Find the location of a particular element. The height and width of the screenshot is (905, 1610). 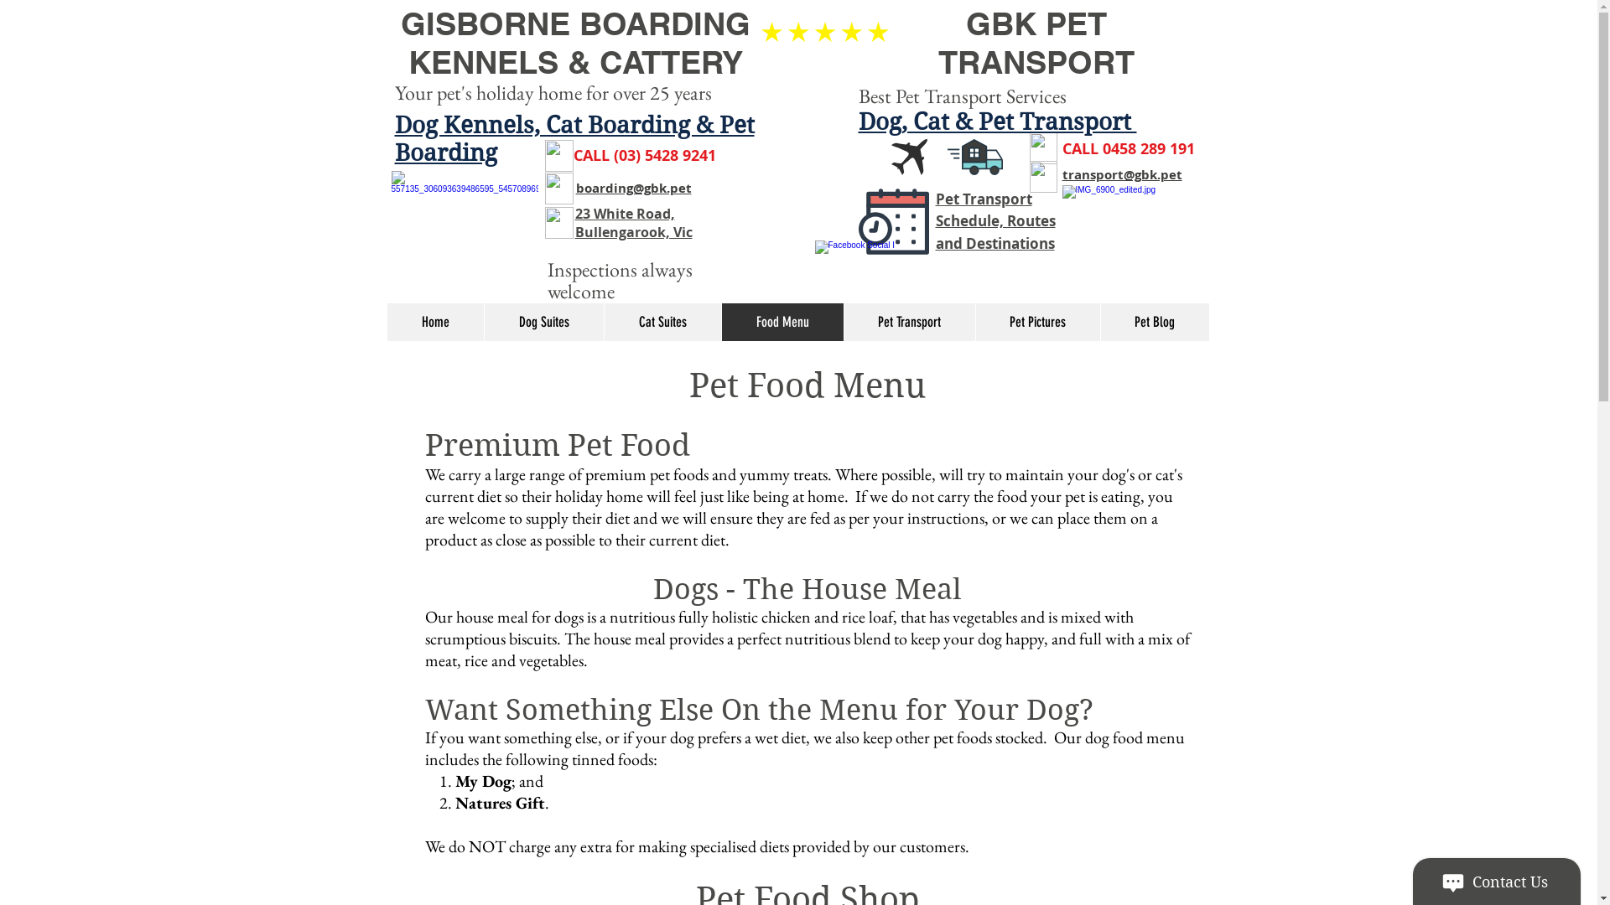

'Pet Transport' is located at coordinates (908, 322).